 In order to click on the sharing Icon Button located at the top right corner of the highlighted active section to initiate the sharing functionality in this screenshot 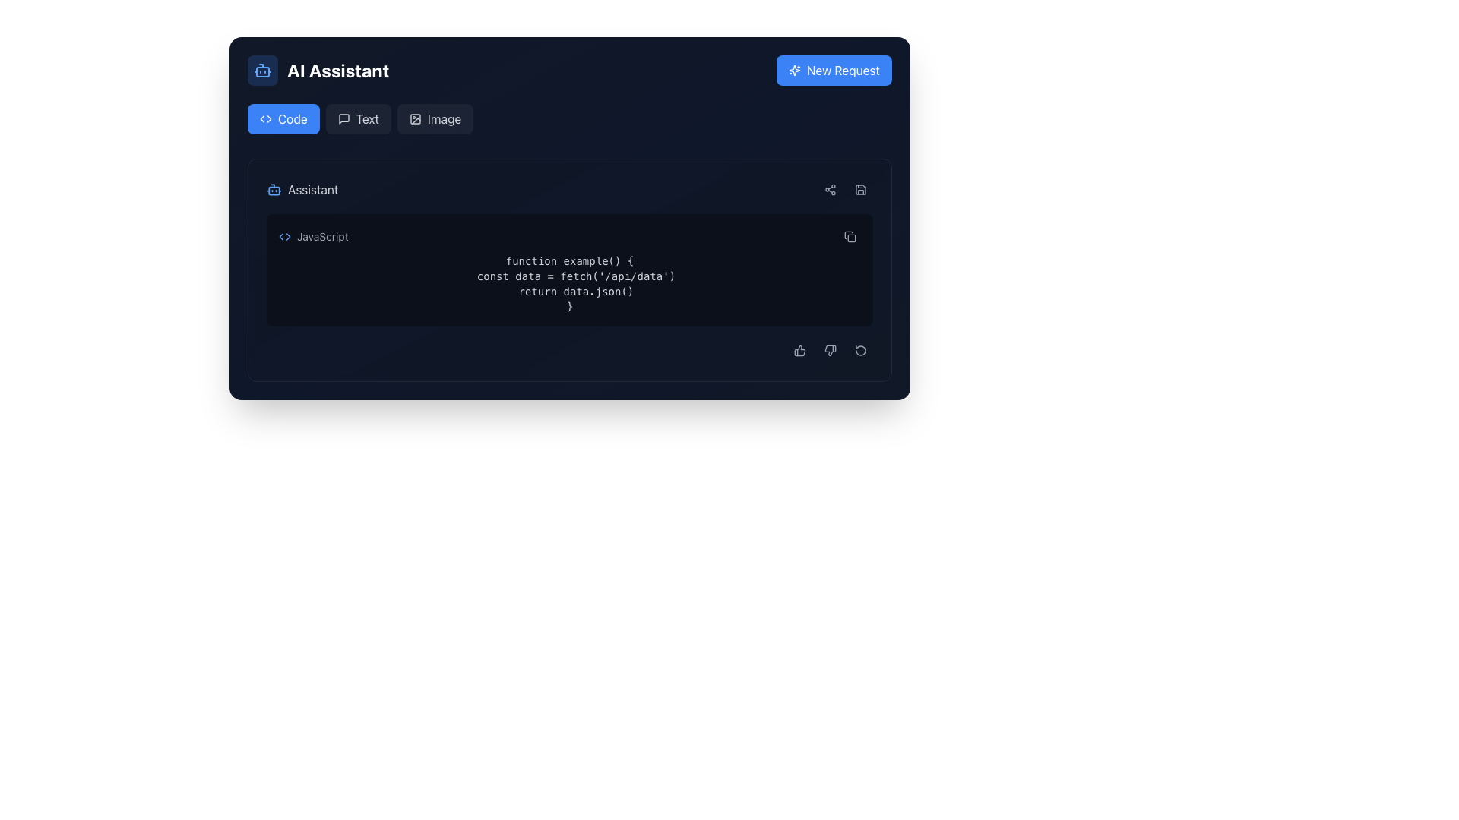, I will do `click(830, 189)`.